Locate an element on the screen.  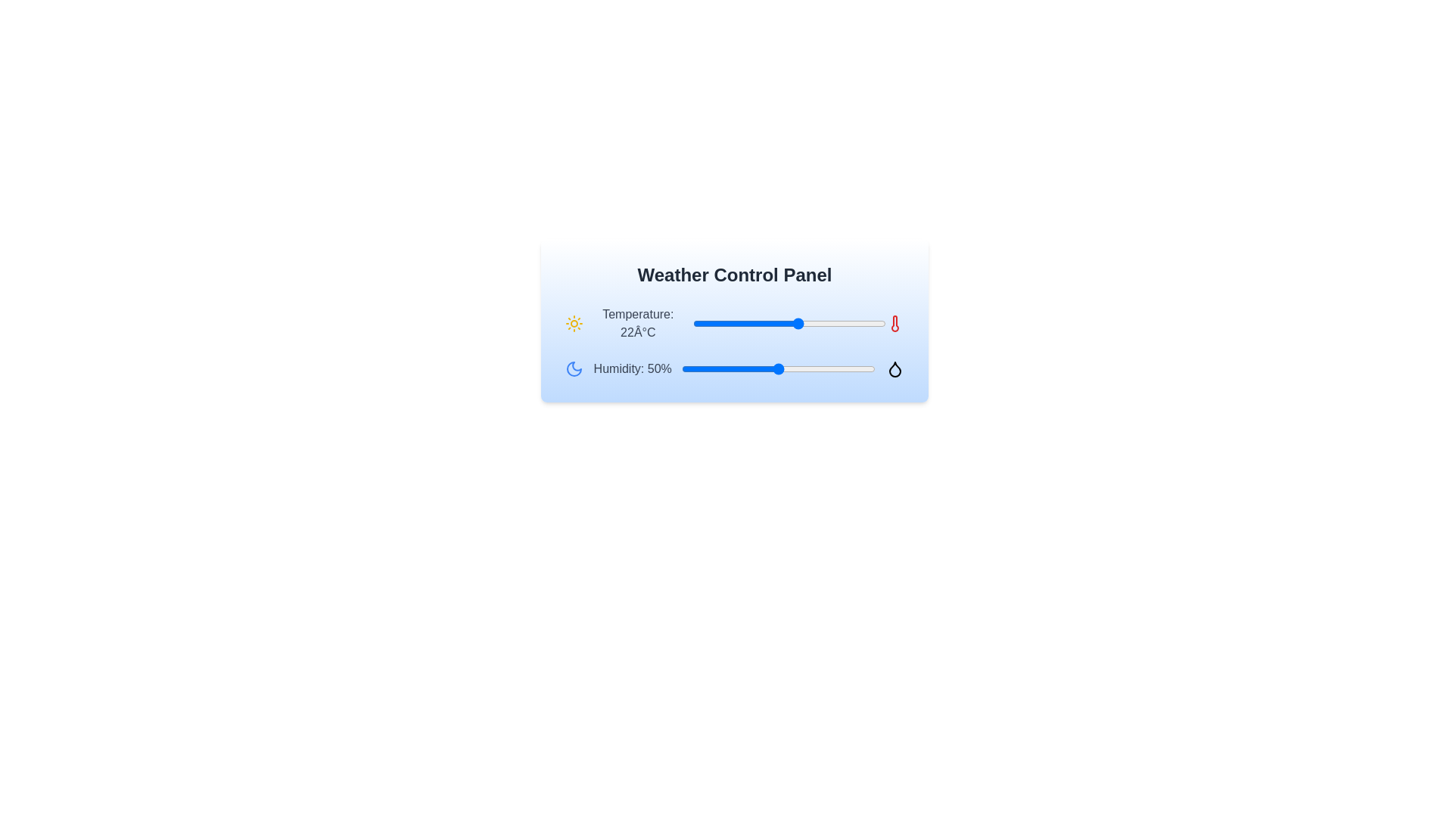
the humidity slider to set the humidity to 99% is located at coordinates (873, 369).